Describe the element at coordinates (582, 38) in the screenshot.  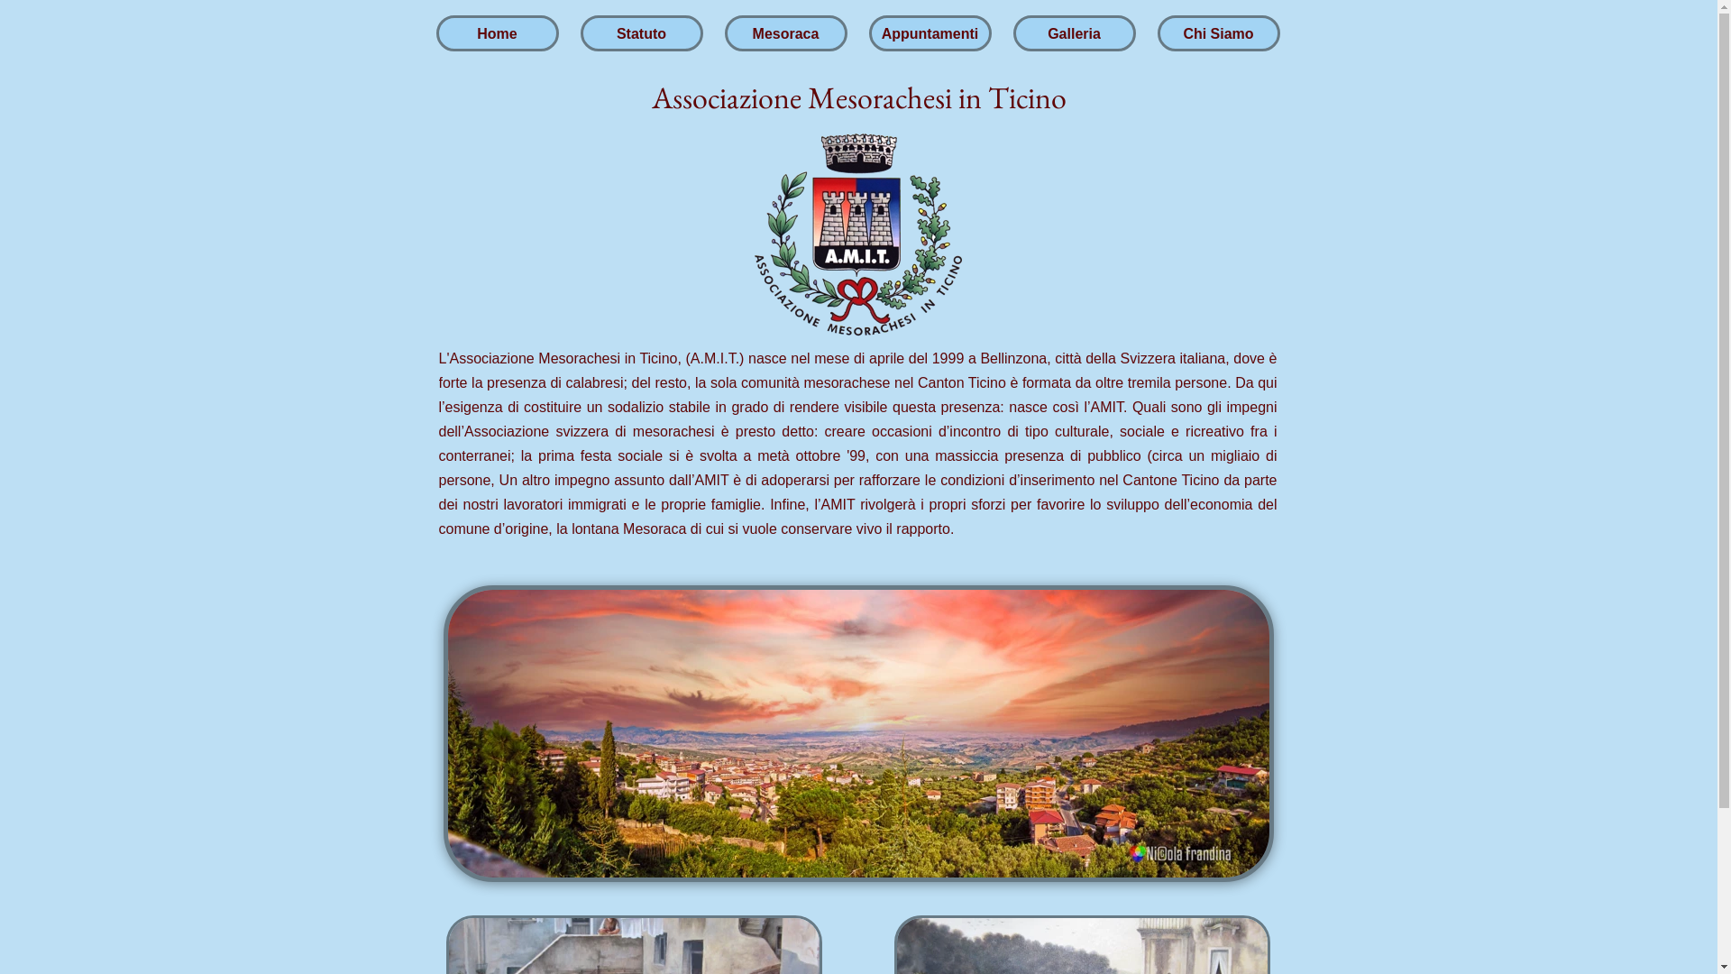
I see `'Statuto'` at that location.